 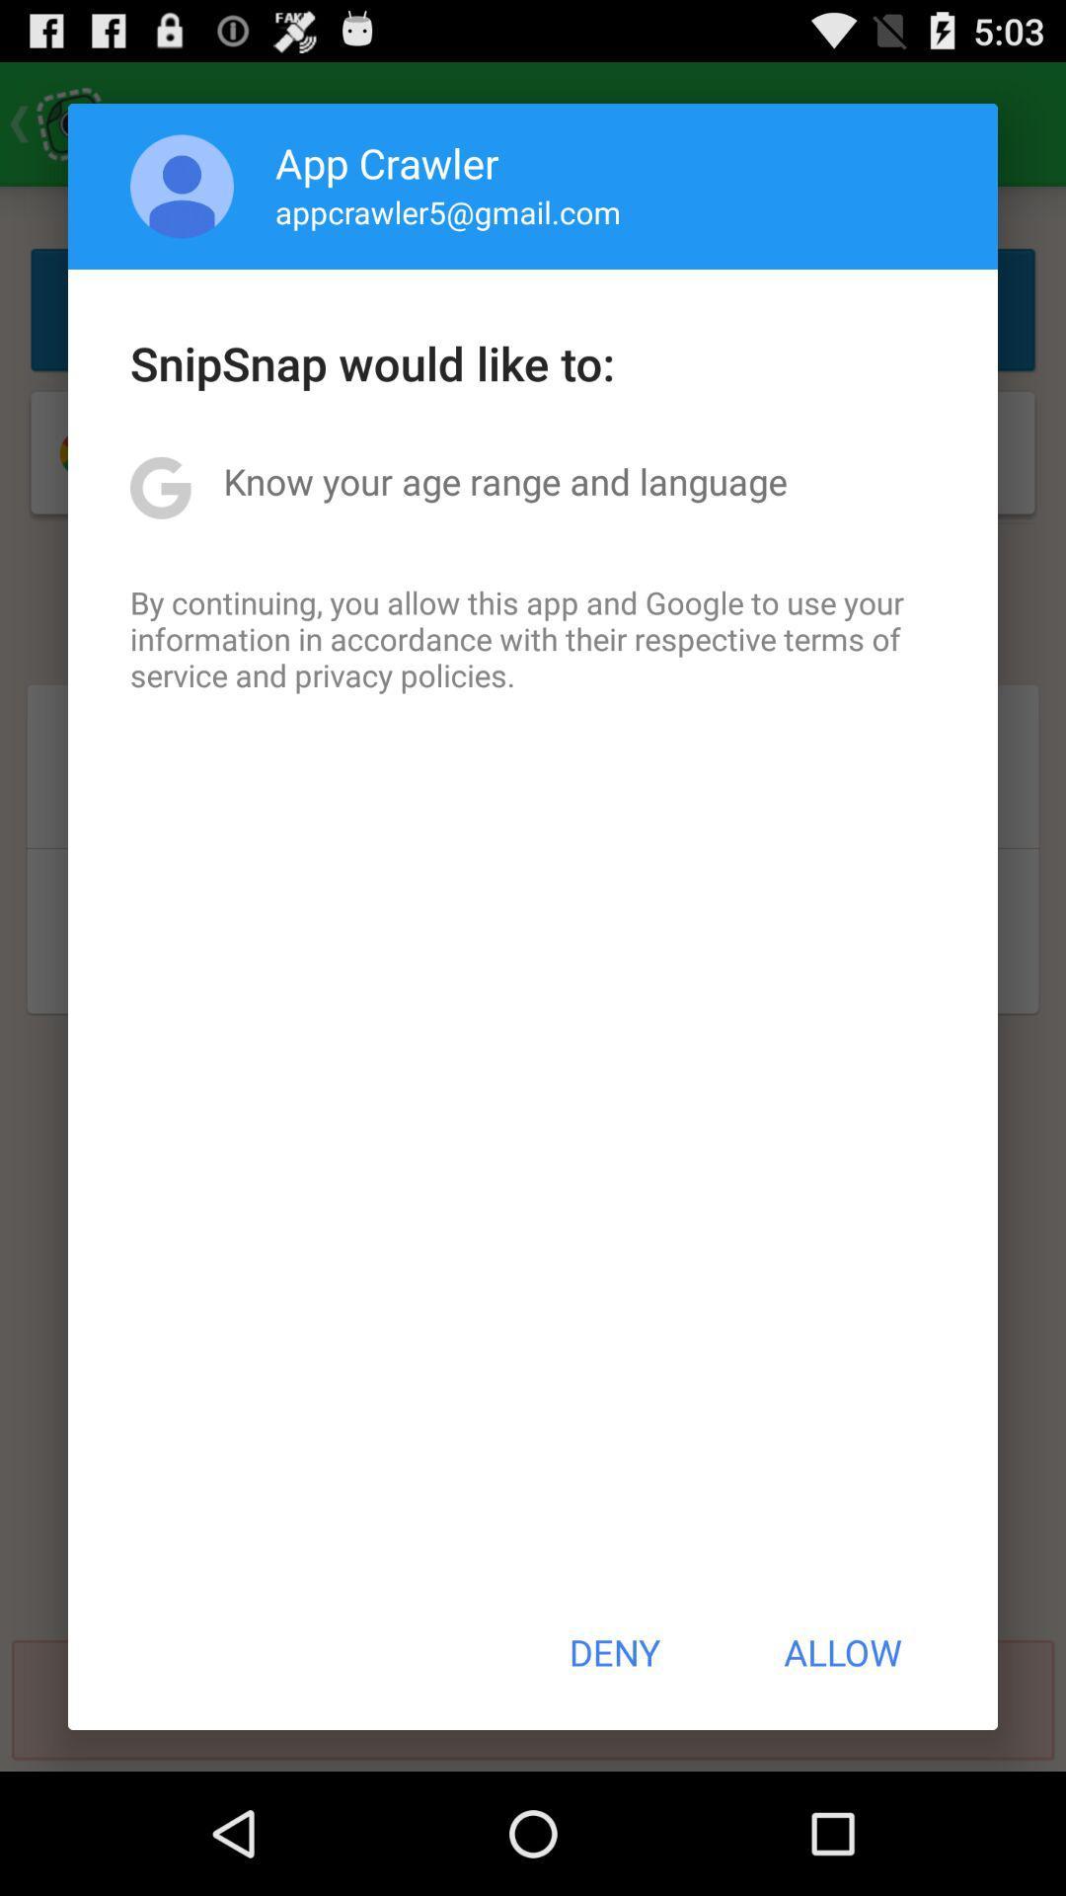 What do you see at coordinates (448, 211) in the screenshot?
I see `appcrawler5@gmail.com item` at bounding box center [448, 211].